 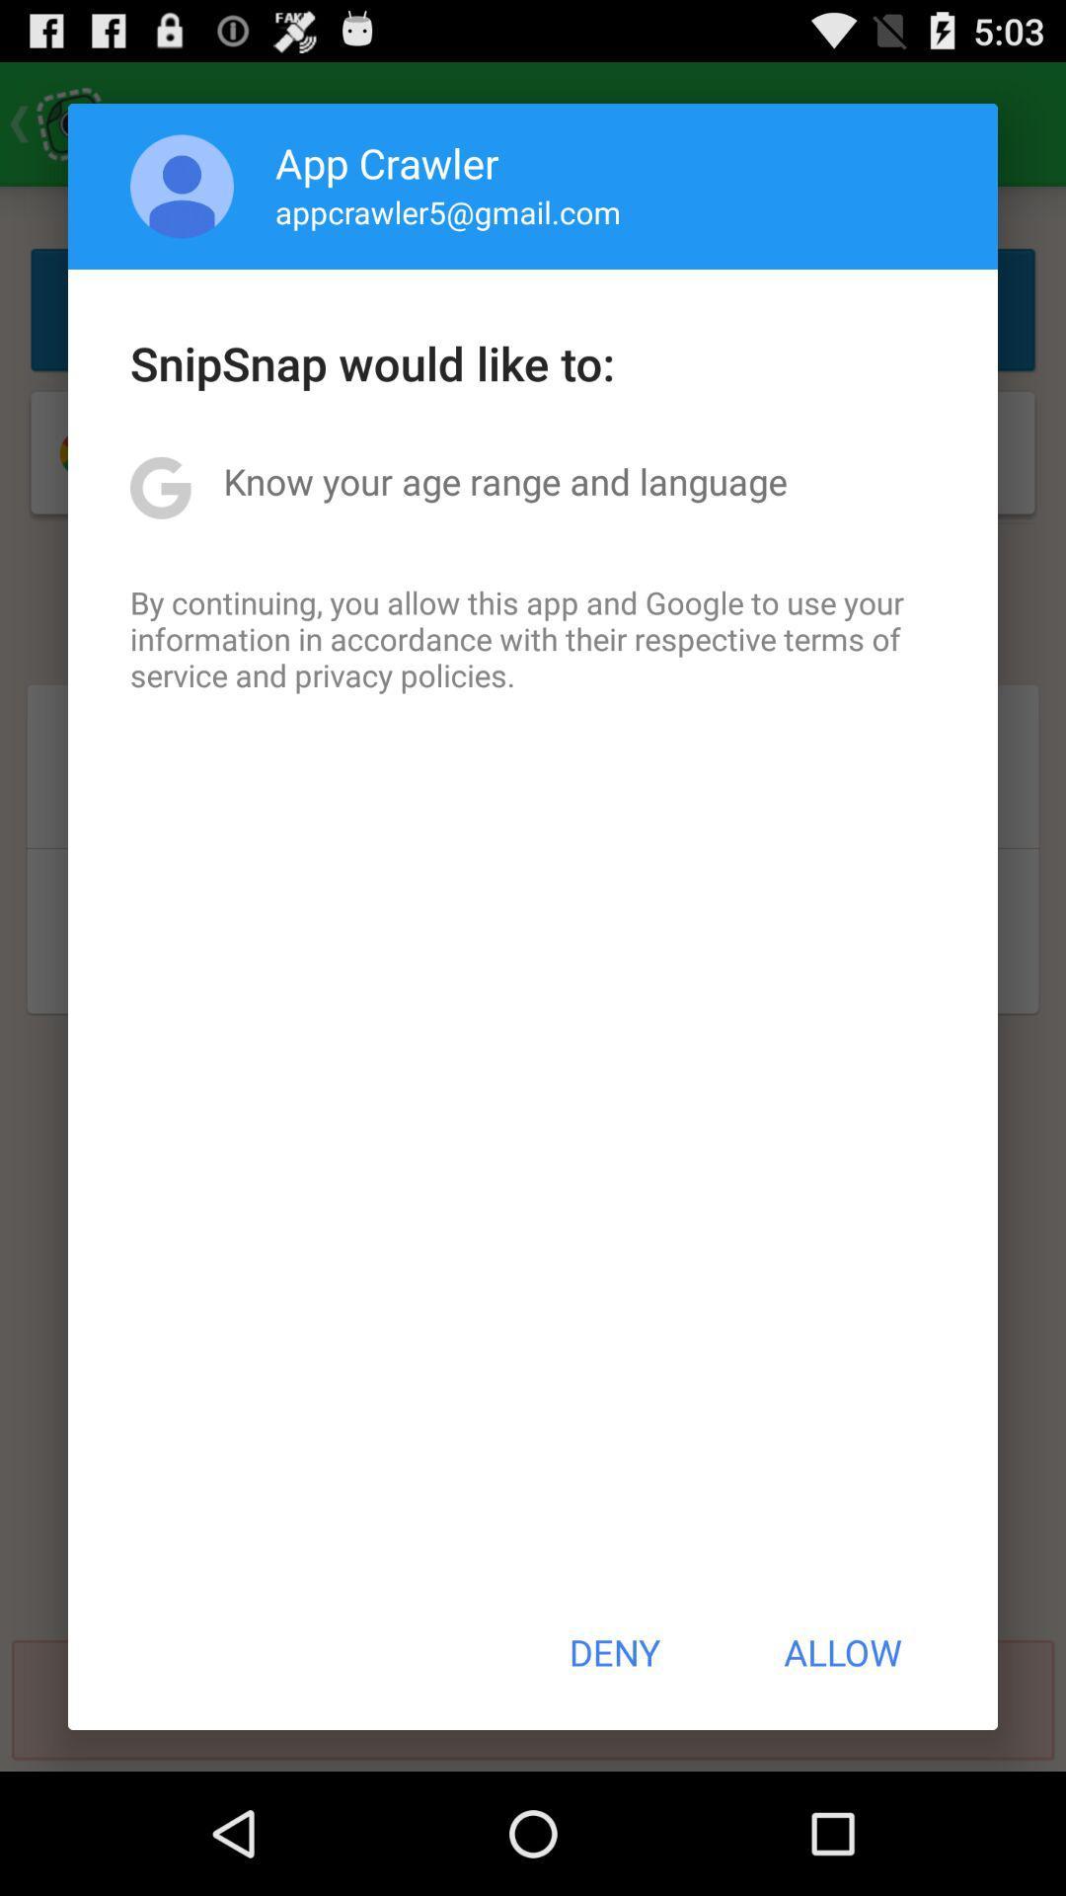 What do you see at coordinates (448, 211) in the screenshot?
I see `appcrawler5@gmail.com item` at bounding box center [448, 211].